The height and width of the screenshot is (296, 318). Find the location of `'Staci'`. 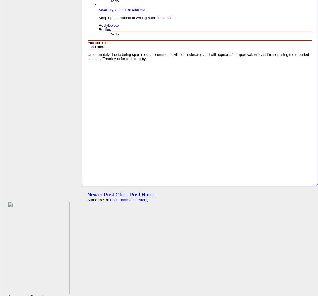

'Staci' is located at coordinates (102, 9).